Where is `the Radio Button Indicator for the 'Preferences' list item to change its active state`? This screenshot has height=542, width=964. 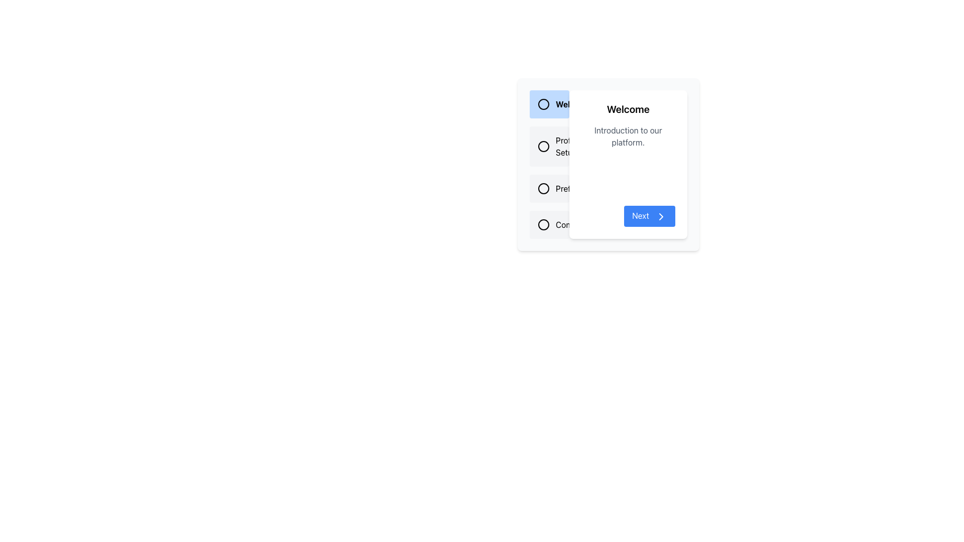
the Radio Button Indicator for the 'Preferences' list item to change its active state is located at coordinates (543, 188).